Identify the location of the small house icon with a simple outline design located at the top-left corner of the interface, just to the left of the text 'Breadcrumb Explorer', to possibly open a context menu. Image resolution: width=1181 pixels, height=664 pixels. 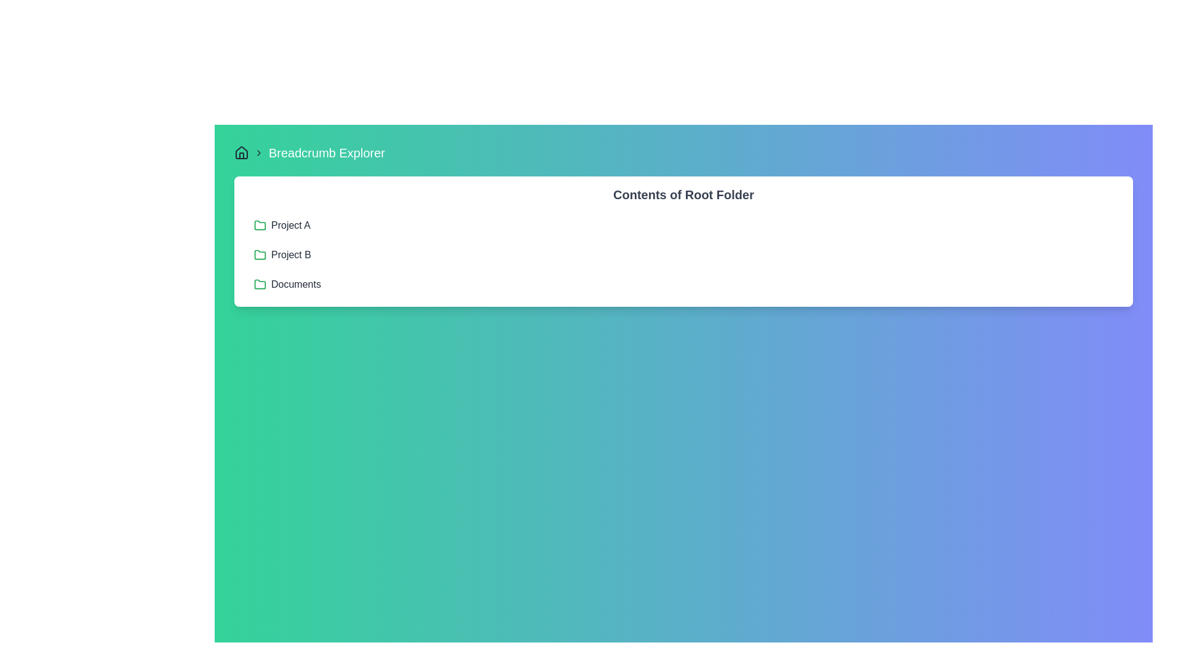
(242, 152).